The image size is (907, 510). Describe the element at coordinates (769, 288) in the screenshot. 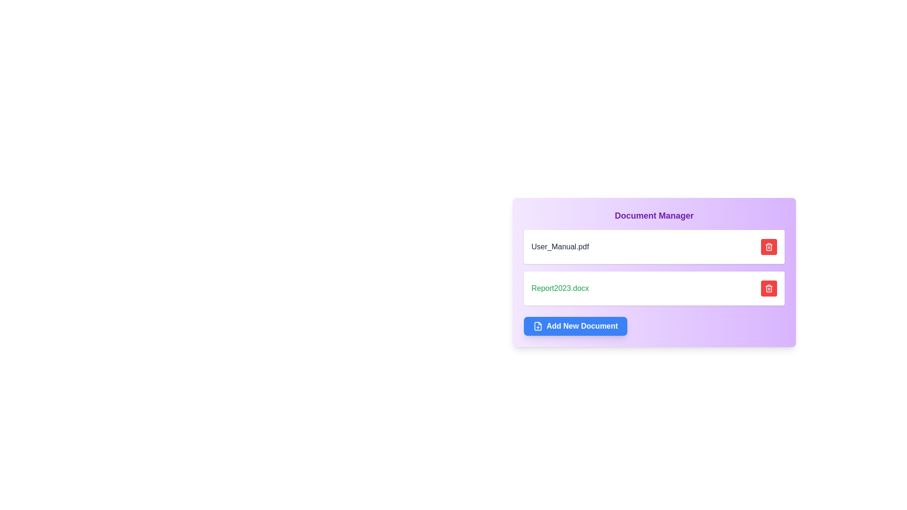

I see `the delete button for the 'Report2023.docx' document located at the far-right end of the second row in the 'Document Manager' interface to trigger a tooltip` at that location.